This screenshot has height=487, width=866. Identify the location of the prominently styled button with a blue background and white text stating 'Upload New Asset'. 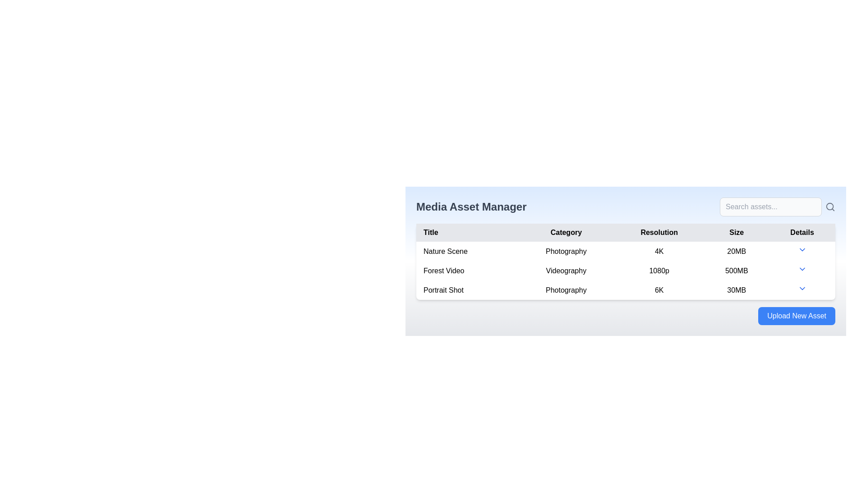
(797, 316).